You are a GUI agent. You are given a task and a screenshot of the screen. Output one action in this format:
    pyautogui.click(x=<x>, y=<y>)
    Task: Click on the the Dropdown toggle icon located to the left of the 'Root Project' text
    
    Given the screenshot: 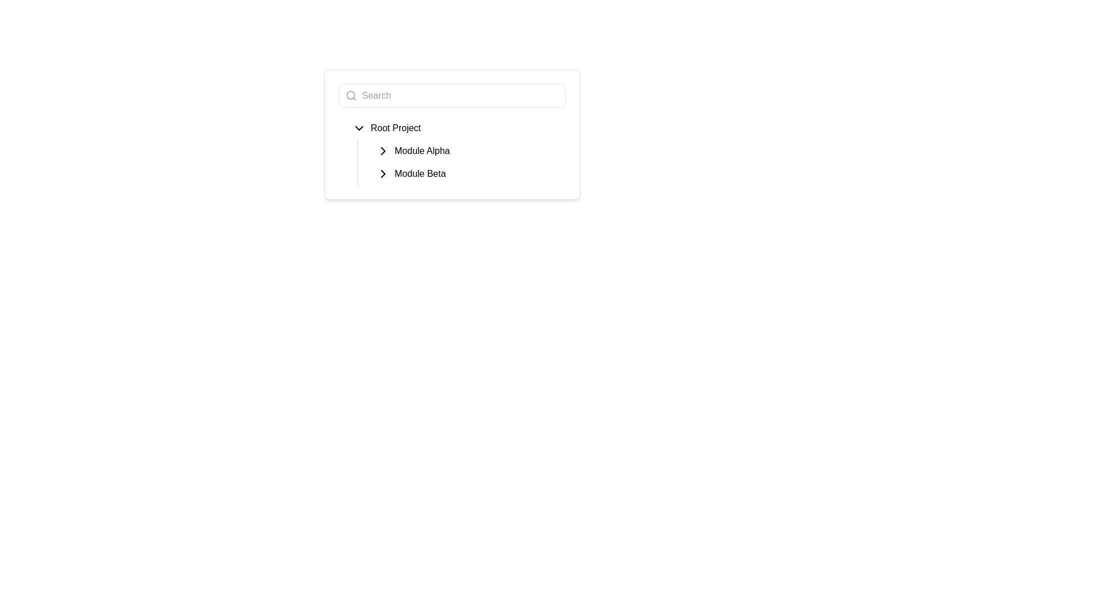 What is the action you would take?
    pyautogui.click(x=358, y=128)
    